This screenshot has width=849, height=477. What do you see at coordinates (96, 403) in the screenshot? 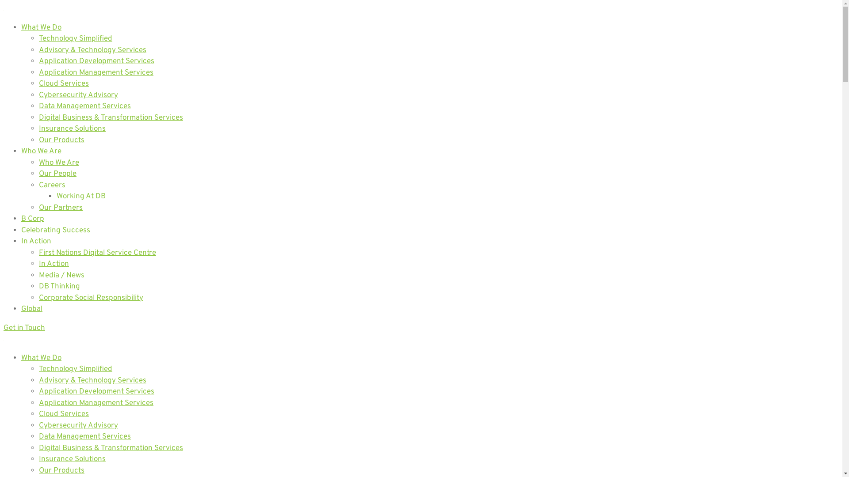
I see `'Application Management Services'` at bounding box center [96, 403].